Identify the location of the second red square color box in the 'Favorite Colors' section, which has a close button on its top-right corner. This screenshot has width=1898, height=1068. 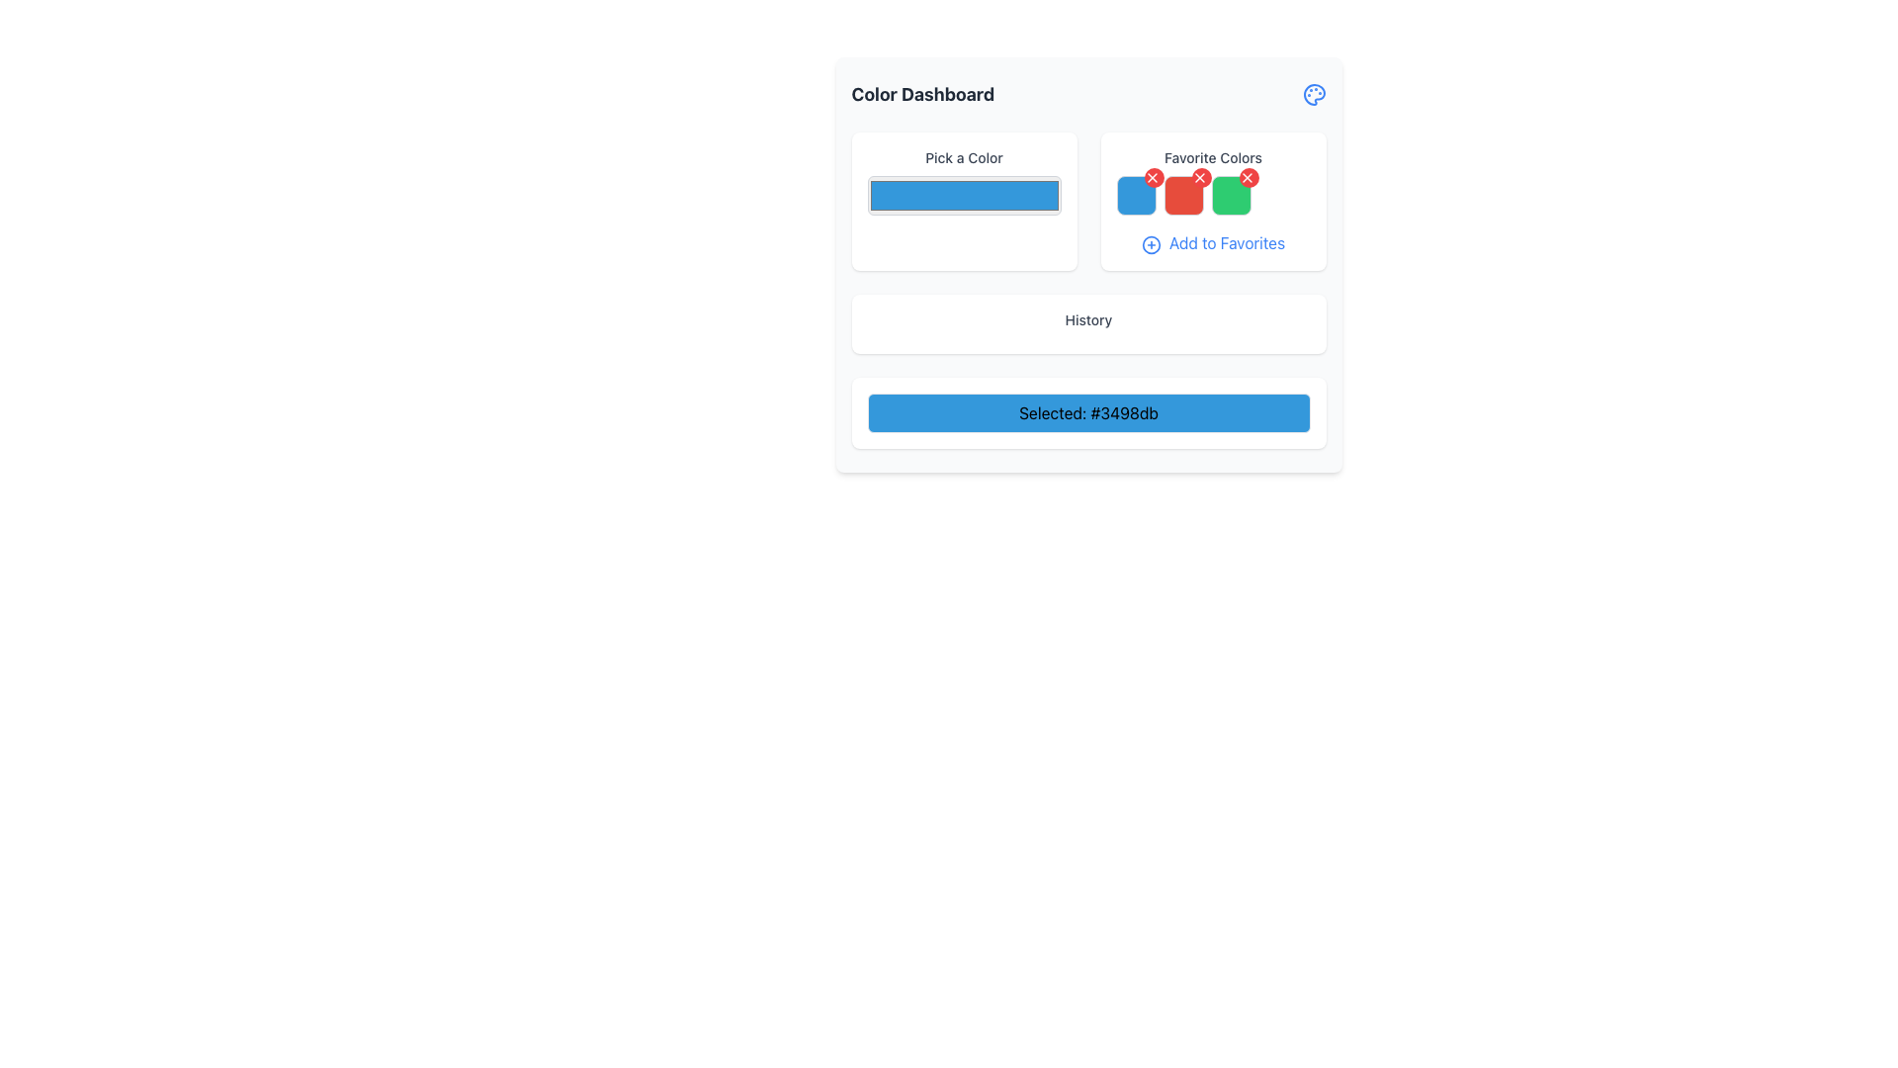
(1183, 195).